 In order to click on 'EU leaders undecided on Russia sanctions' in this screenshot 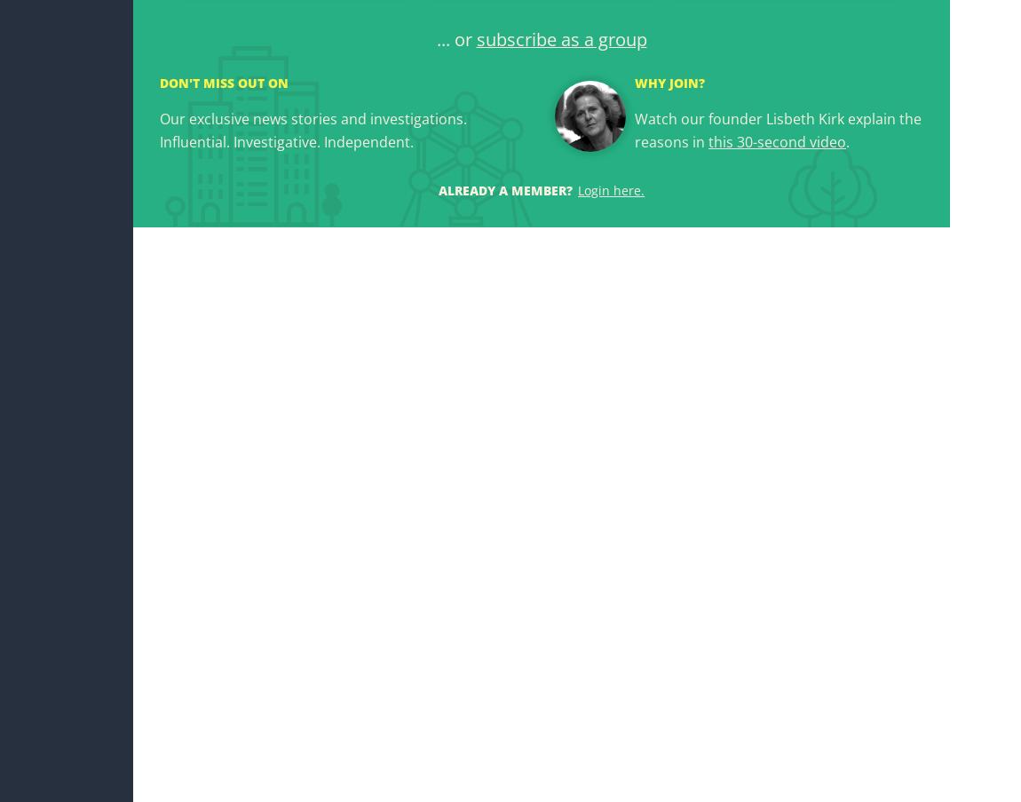, I will do `click(158, 361)`.